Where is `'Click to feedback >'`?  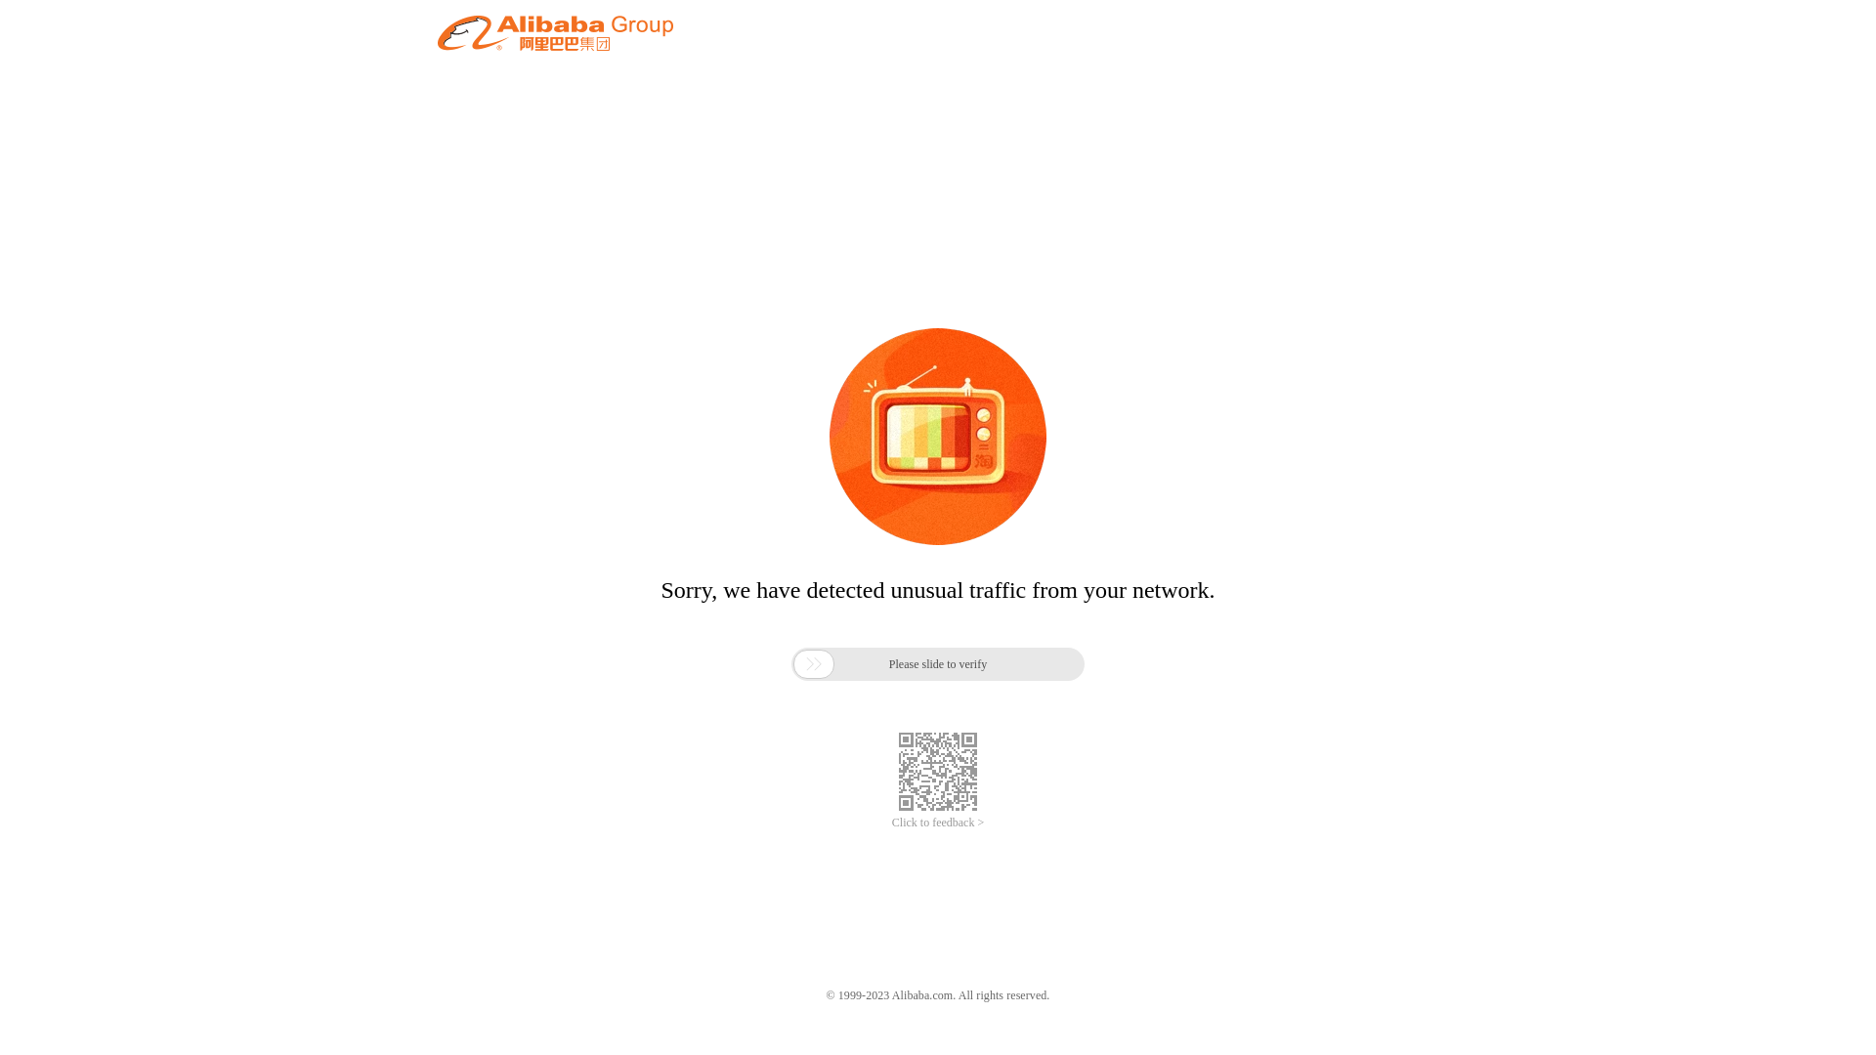 'Click to feedback >' is located at coordinates (890, 823).